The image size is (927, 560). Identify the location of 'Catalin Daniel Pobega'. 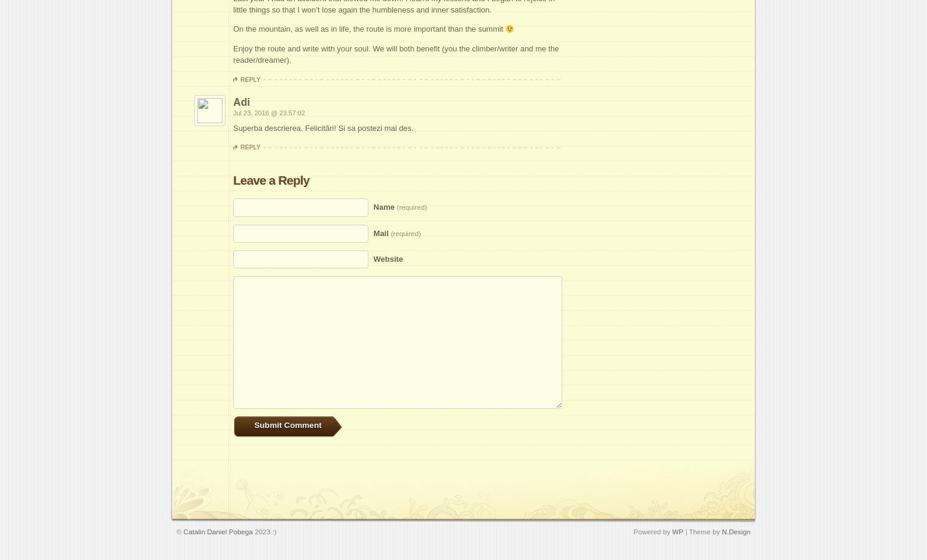
(216, 530).